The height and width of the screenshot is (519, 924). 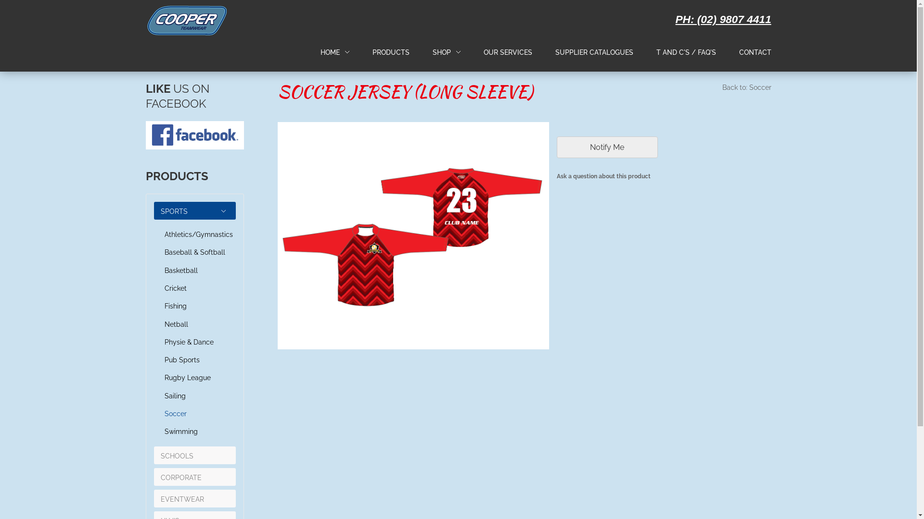 I want to click on 'PRODUCTS', so click(x=391, y=52).